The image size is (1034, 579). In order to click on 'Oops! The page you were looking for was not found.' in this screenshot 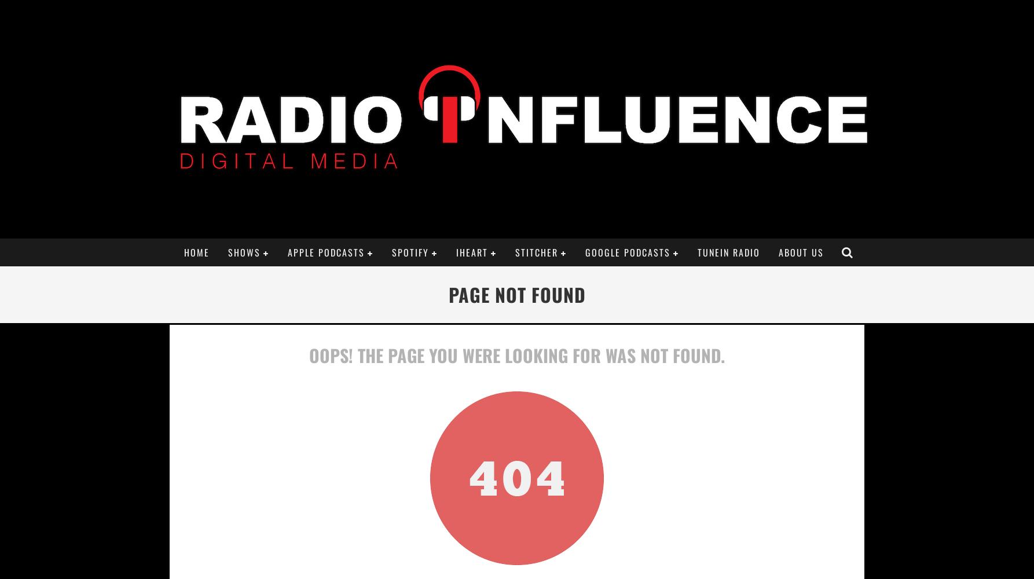, I will do `click(309, 354)`.